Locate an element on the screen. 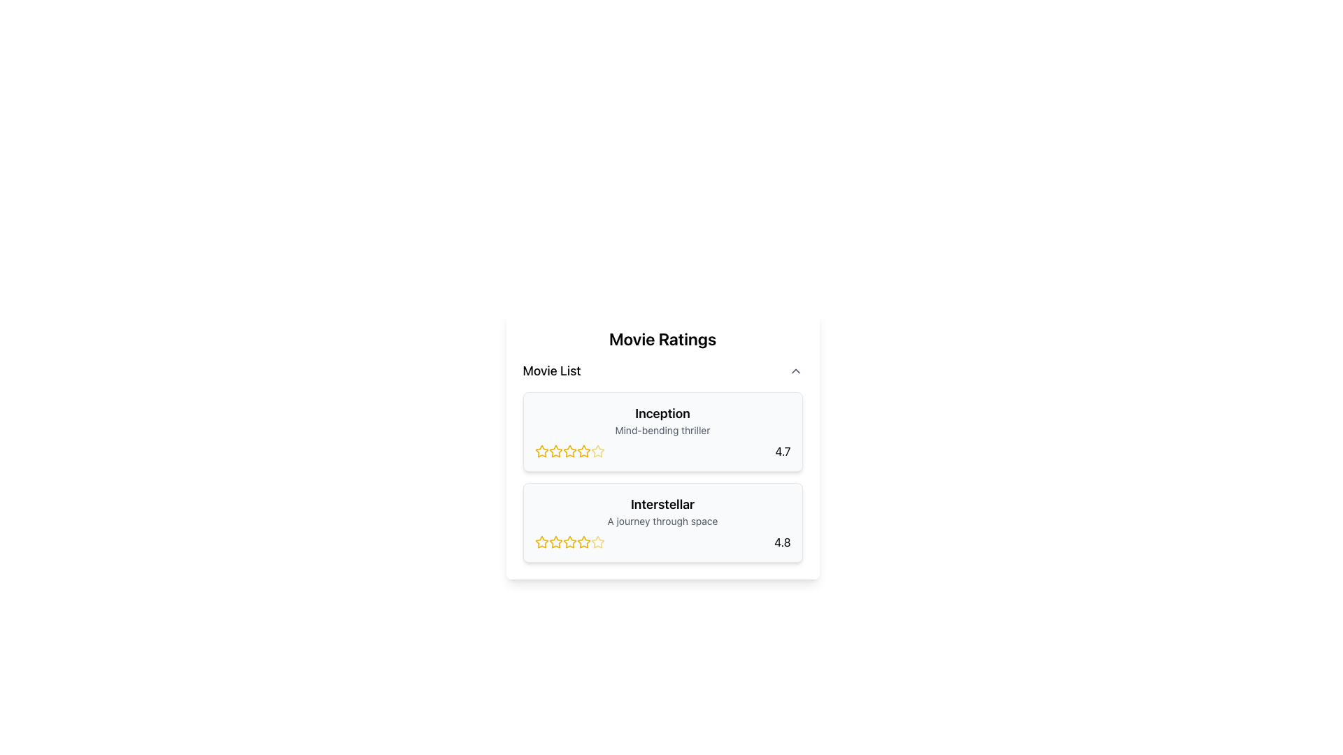 The image size is (1343, 755). the fifth rating star for the movie 'Interstellar', which is located just below the title and description, in a series of six stars is located at coordinates (569, 541).